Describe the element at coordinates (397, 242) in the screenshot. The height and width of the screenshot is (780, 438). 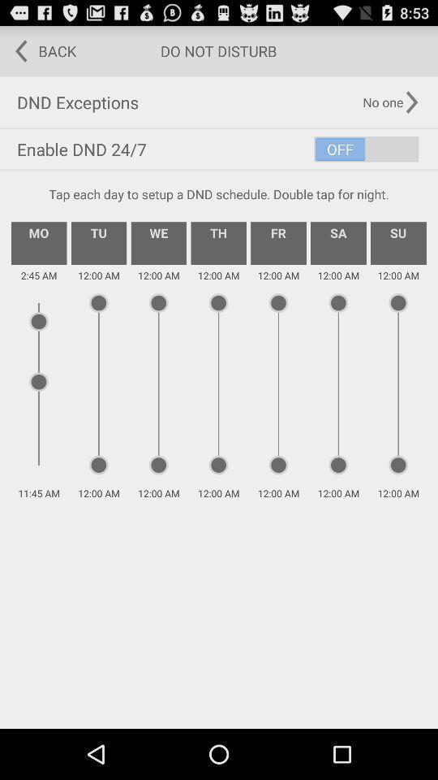
I see `the app above the 12:00 am app` at that location.